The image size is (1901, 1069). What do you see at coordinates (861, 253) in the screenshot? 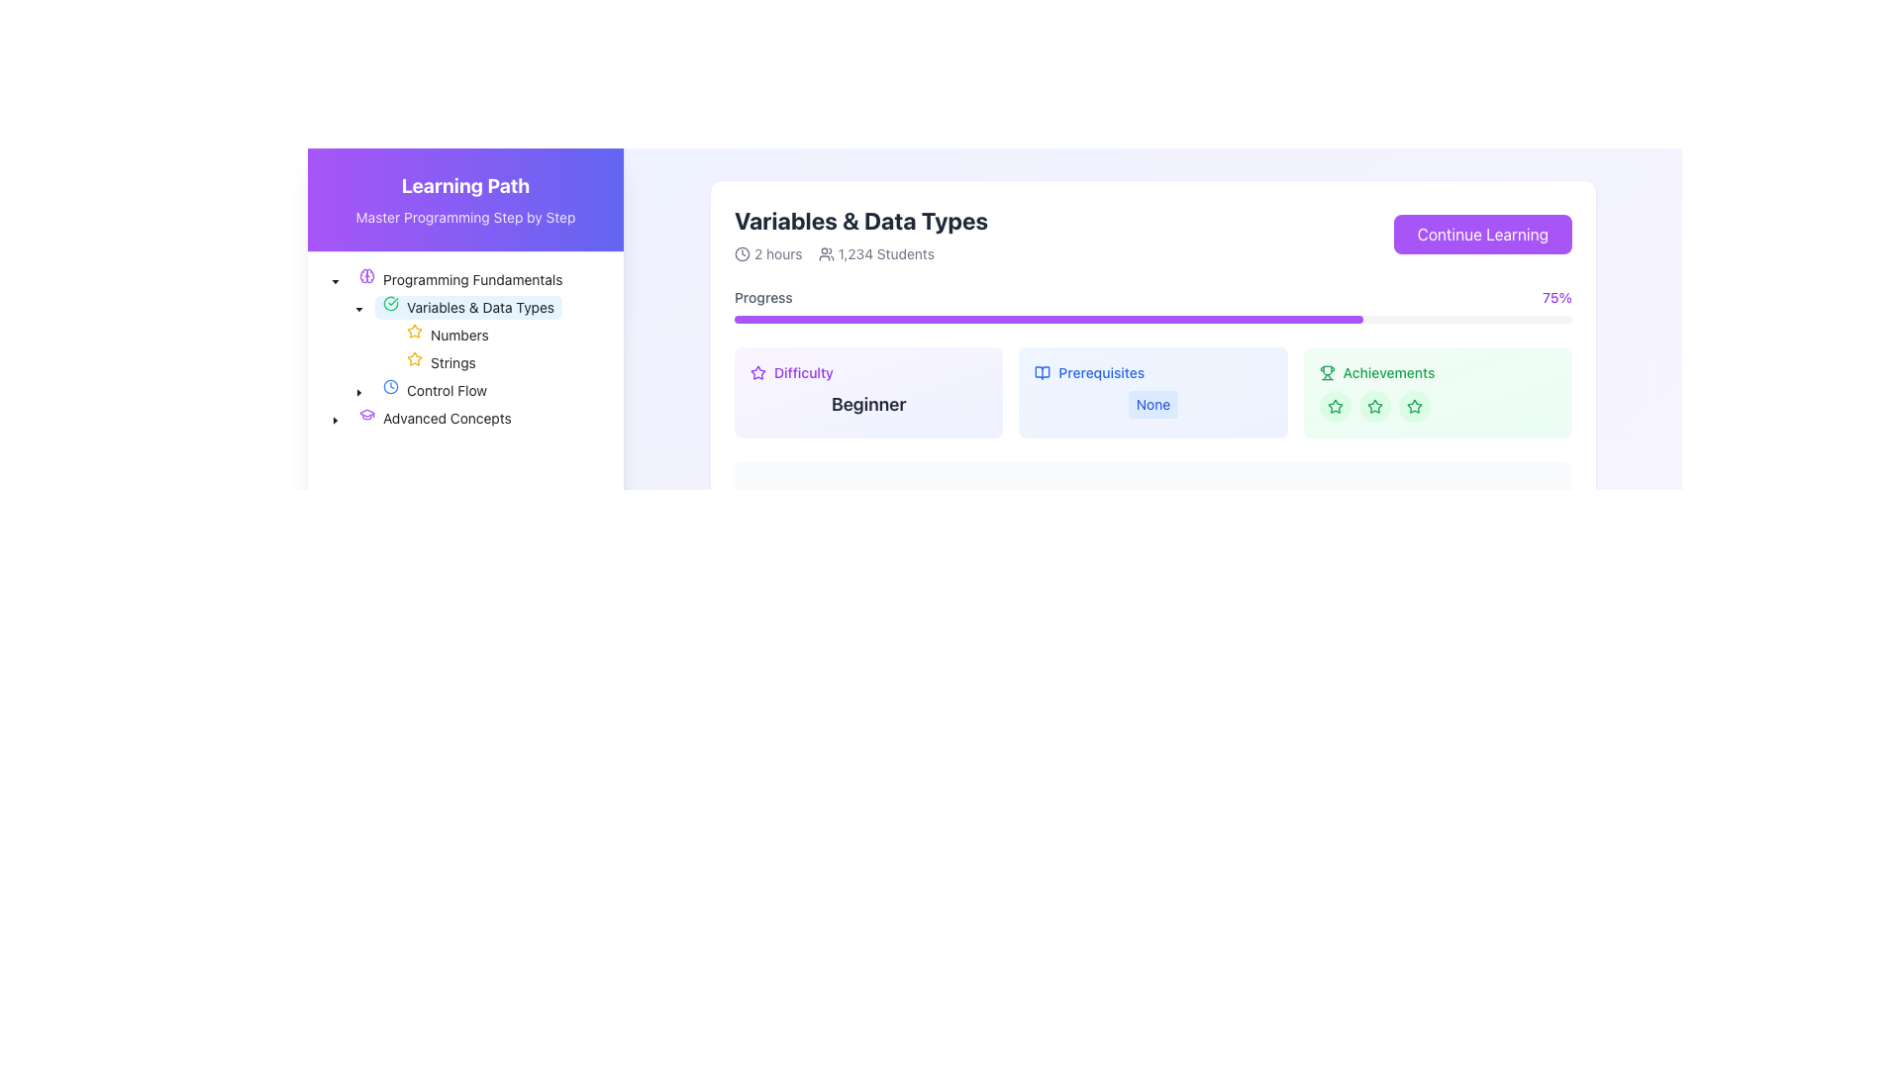
I see `the informational label displaying '2 hours 1,234 Students'` at bounding box center [861, 253].